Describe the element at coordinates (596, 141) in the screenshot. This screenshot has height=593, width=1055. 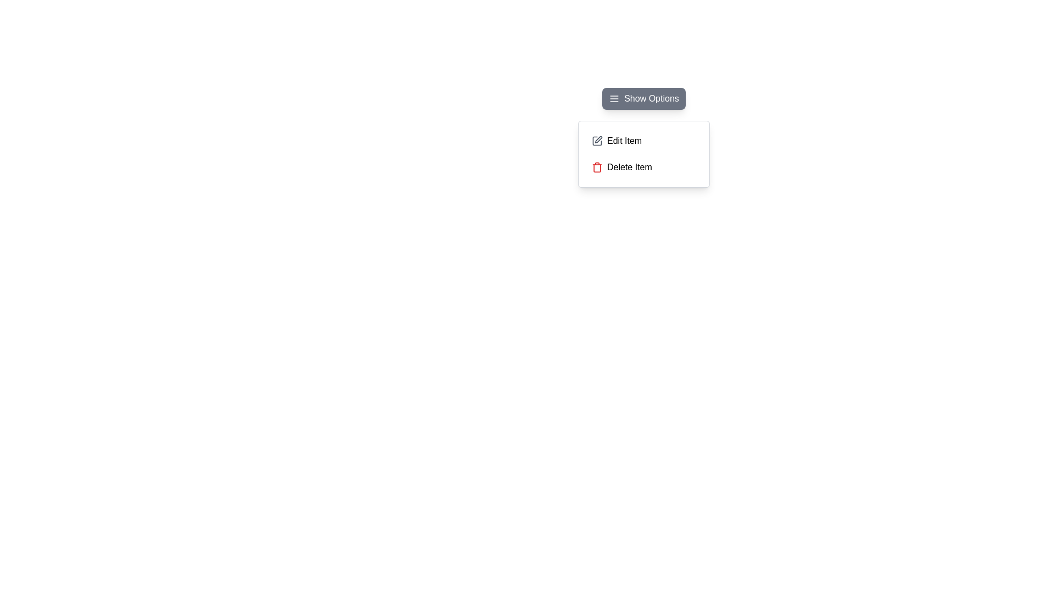
I see `the edit icon located to the left of the 'Edit Item' text in the dropdown menu under the 'Show Options' button` at that location.